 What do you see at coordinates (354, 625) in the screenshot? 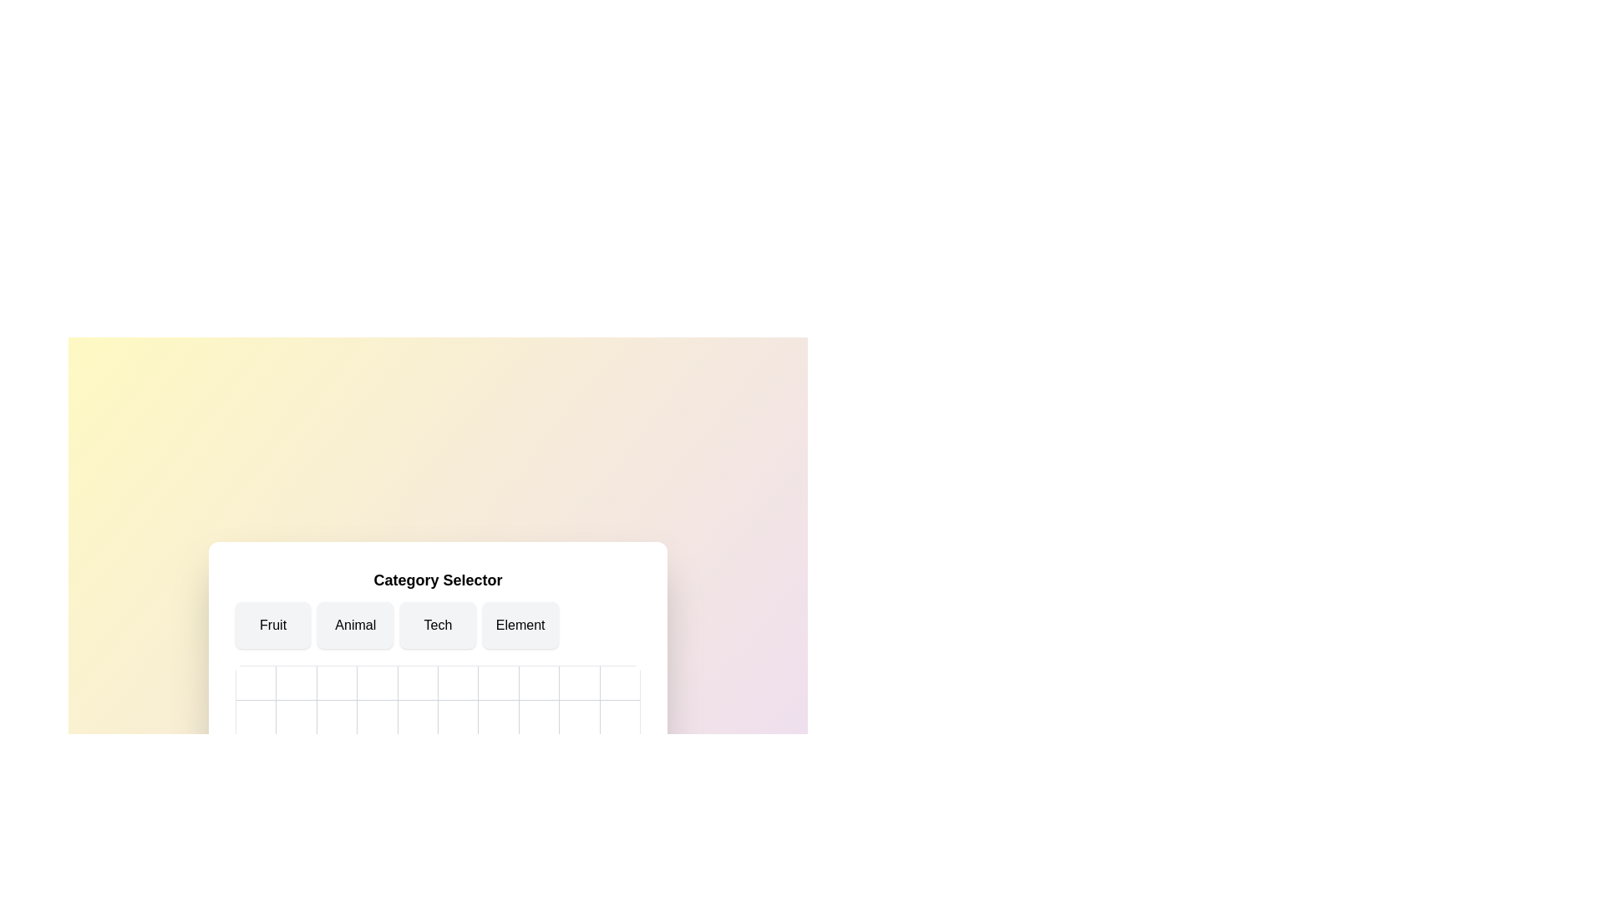
I see `the category Animal to highlight it` at bounding box center [354, 625].